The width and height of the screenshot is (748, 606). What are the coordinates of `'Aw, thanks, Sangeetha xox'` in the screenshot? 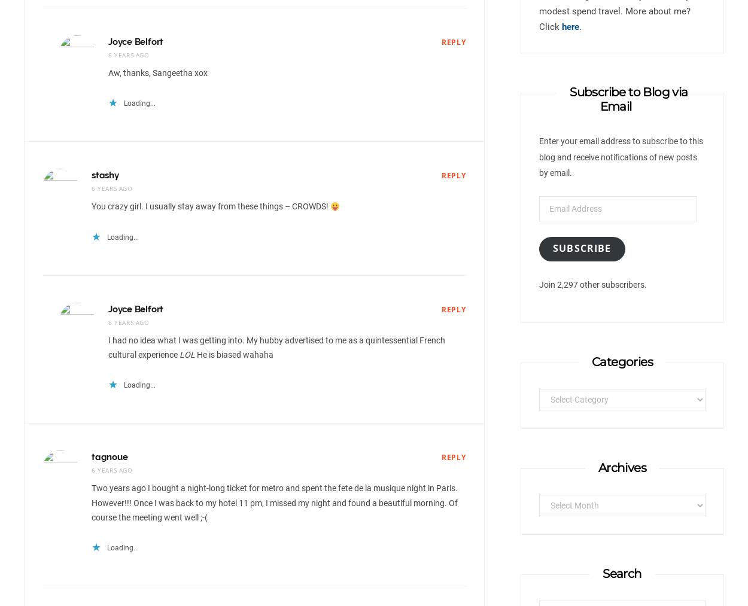 It's located at (158, 72).